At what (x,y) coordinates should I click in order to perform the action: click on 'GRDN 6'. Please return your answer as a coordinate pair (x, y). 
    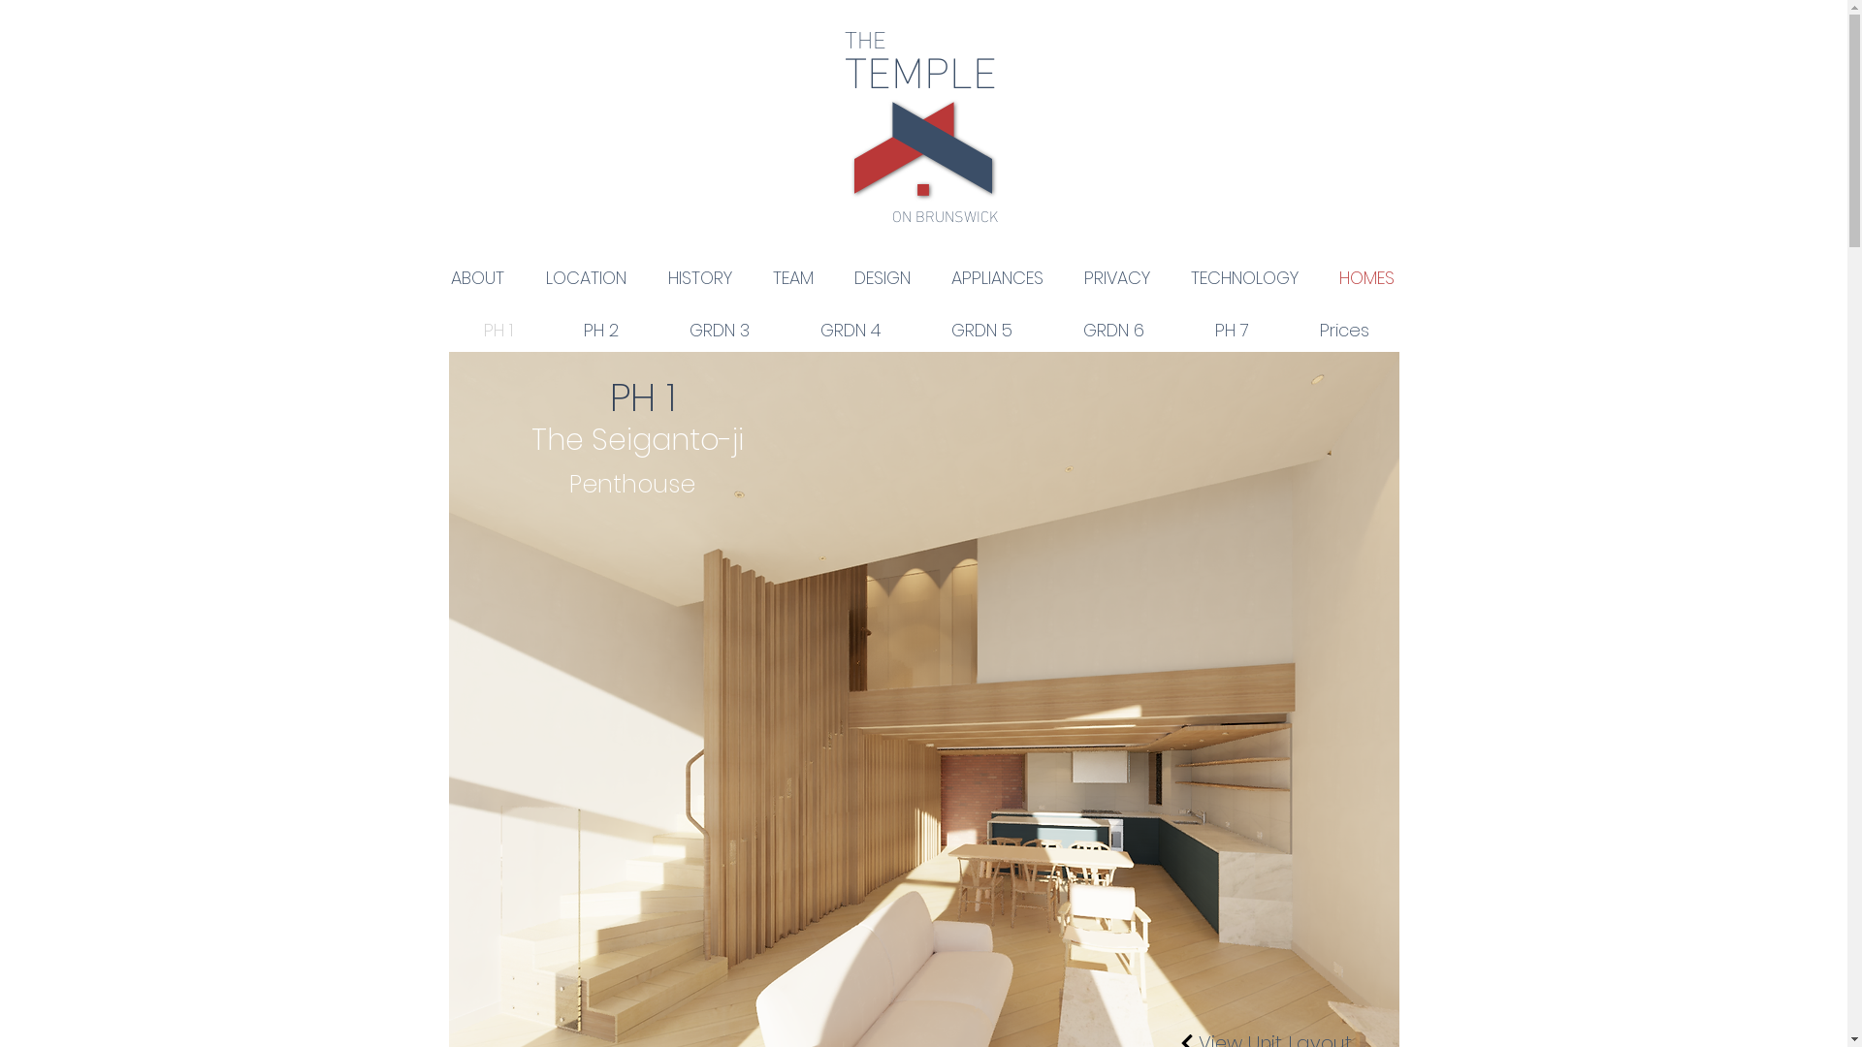
    Looking at the image, I should click on (1046, 329).